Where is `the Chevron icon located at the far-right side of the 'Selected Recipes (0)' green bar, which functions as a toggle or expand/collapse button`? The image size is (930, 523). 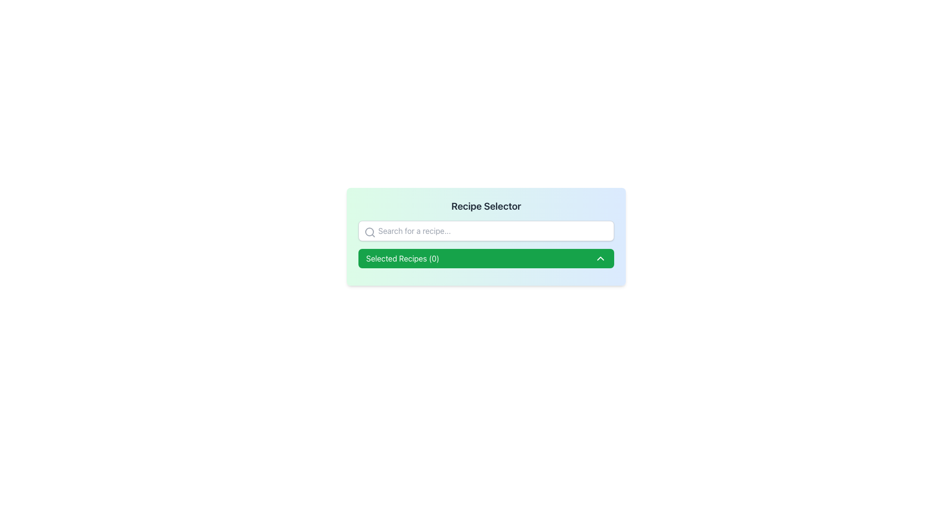
the Chevron icon located at the far-right side of the 'Selected Recipes (0)' green bar, which functions as a toggle or expand/collapse button is located at coordinates (600, 258).